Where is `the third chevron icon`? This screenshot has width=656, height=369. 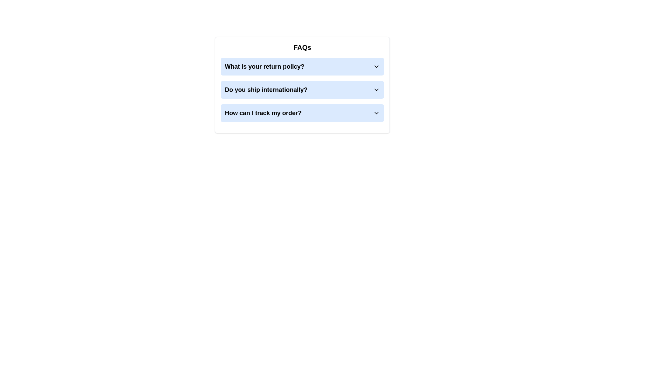
the third chevron icon is located at coordinates (376, 113).